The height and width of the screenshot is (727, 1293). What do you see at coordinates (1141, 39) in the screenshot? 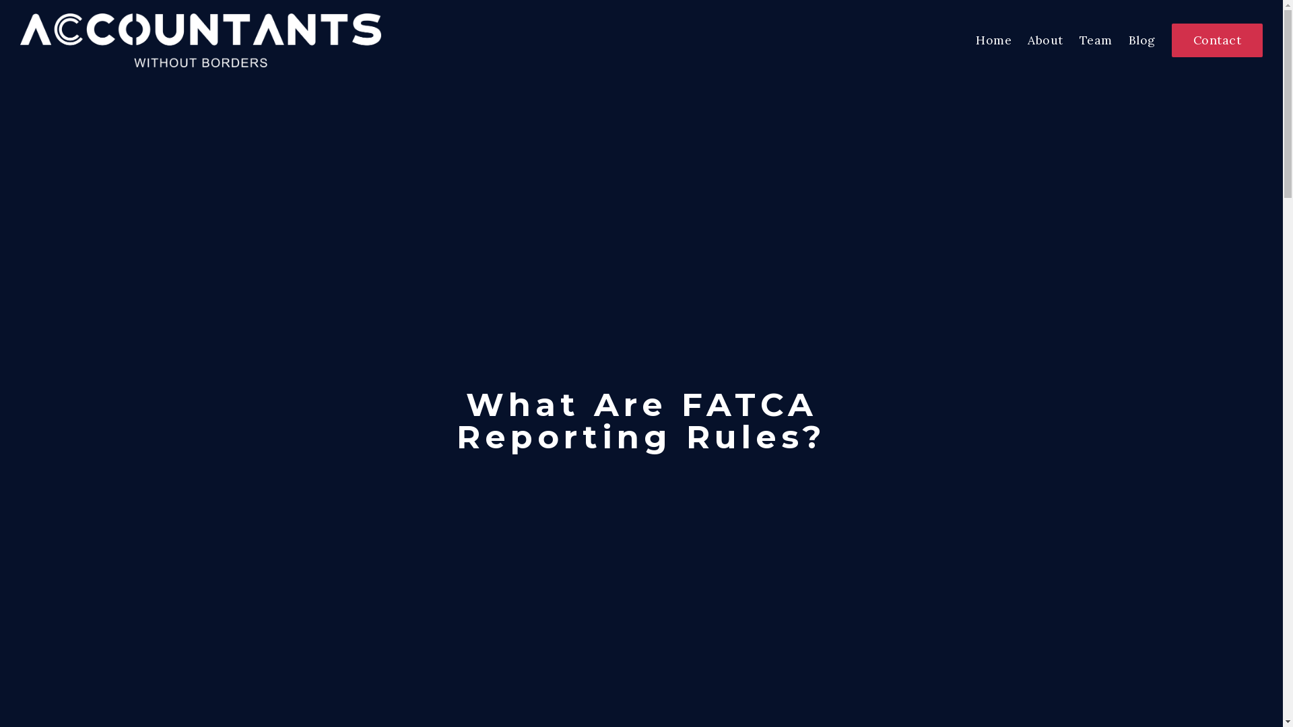
I see `'Blog'` at bounding box center [1141, 39].